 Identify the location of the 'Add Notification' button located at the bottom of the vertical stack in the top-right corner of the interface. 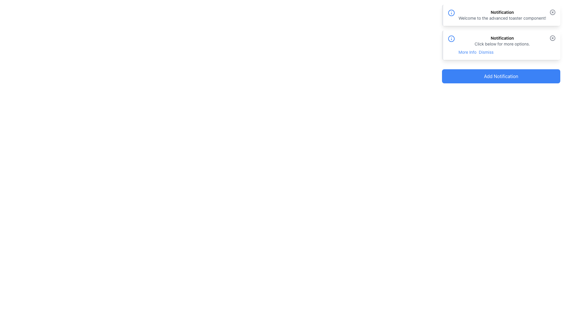
(501, 76).